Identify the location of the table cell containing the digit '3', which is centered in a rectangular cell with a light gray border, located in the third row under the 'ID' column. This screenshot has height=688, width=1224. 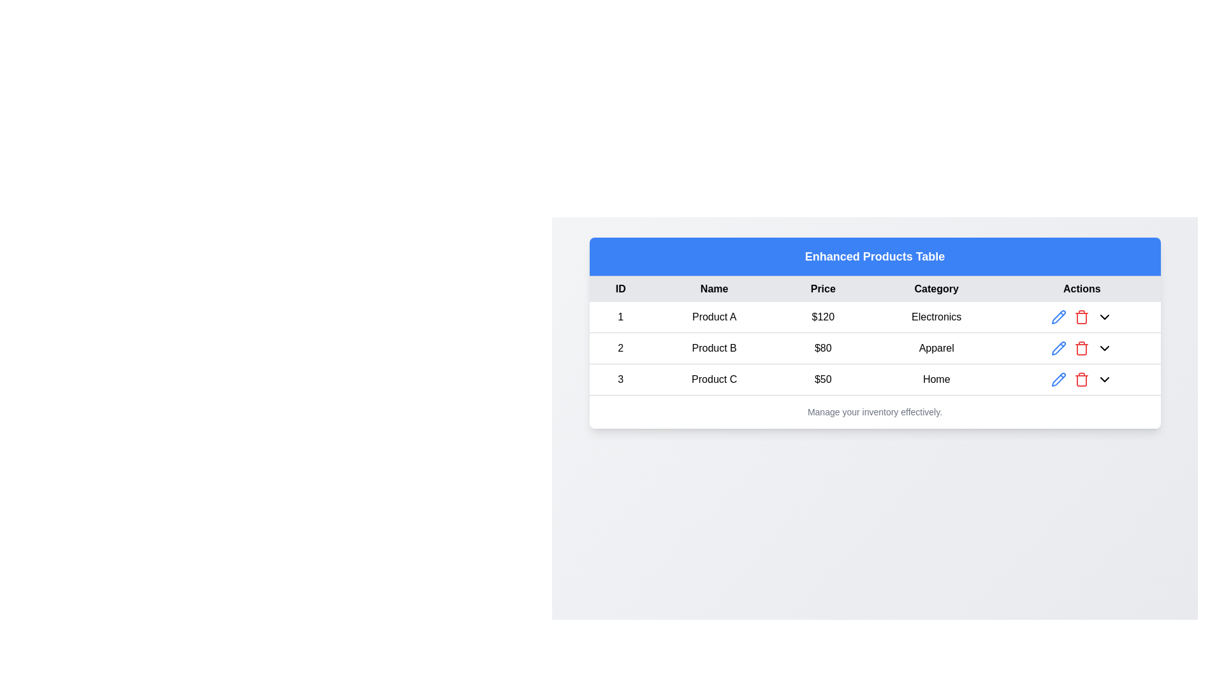
(620, 379).